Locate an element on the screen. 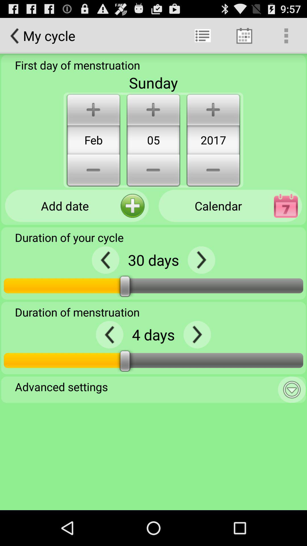 The width and height of the screenshot is (307, 546). the arrow_backward icon is located at coordinates (109, 358).